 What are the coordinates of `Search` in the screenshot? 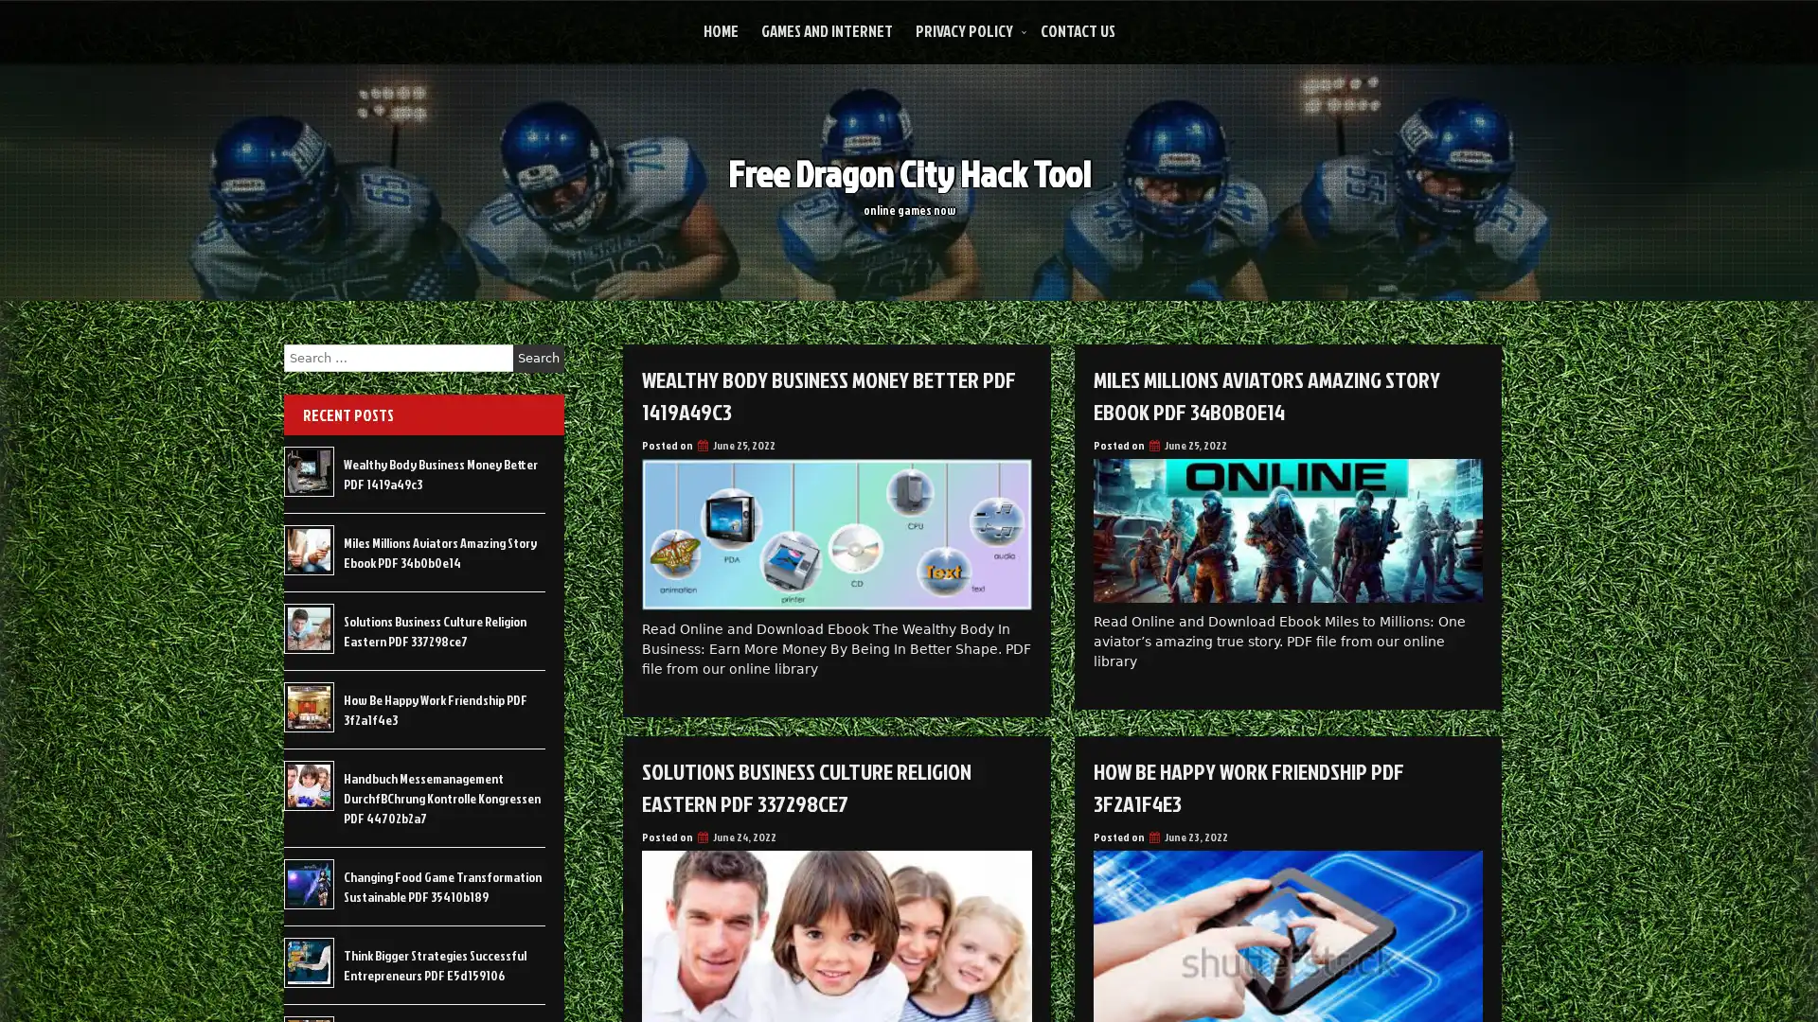 It's located at (538, 358).